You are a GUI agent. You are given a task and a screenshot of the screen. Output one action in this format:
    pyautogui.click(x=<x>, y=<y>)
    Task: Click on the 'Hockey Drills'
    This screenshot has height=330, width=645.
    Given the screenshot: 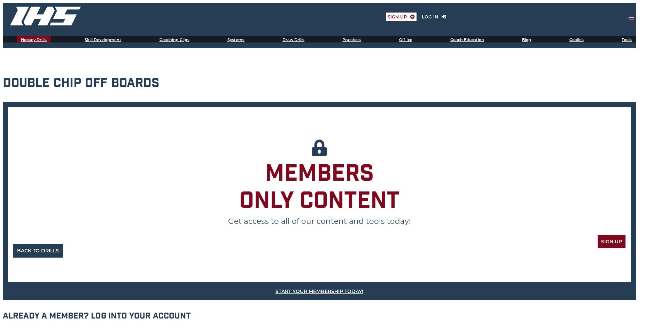 What is the action you would take?
    pyautogui.click(x=33, y=40)
    